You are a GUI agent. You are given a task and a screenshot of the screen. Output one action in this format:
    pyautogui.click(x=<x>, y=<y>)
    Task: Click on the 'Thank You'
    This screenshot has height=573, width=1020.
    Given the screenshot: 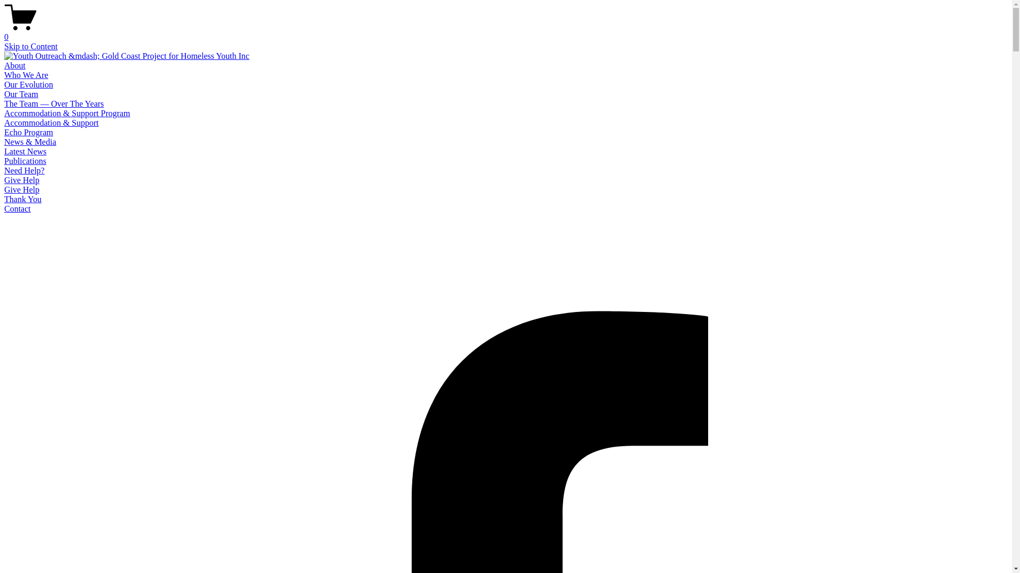 What is the action you would take?
    pyautogui.click(x=23, y=199)
    